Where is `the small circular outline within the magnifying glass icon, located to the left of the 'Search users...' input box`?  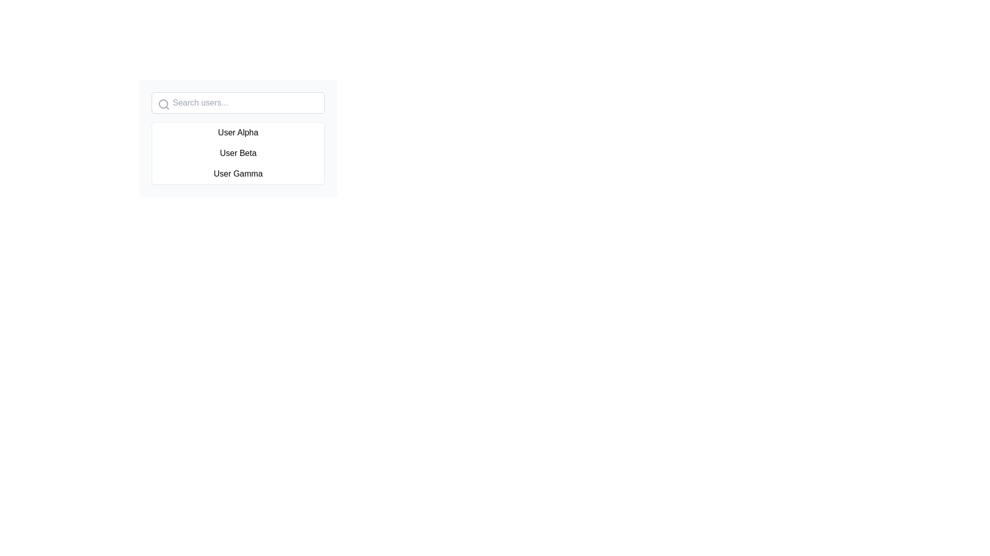 the small circular outline within the magnifying glass icon, located to the left of the 'Search users...' input box is located at coordinates (162, 103).